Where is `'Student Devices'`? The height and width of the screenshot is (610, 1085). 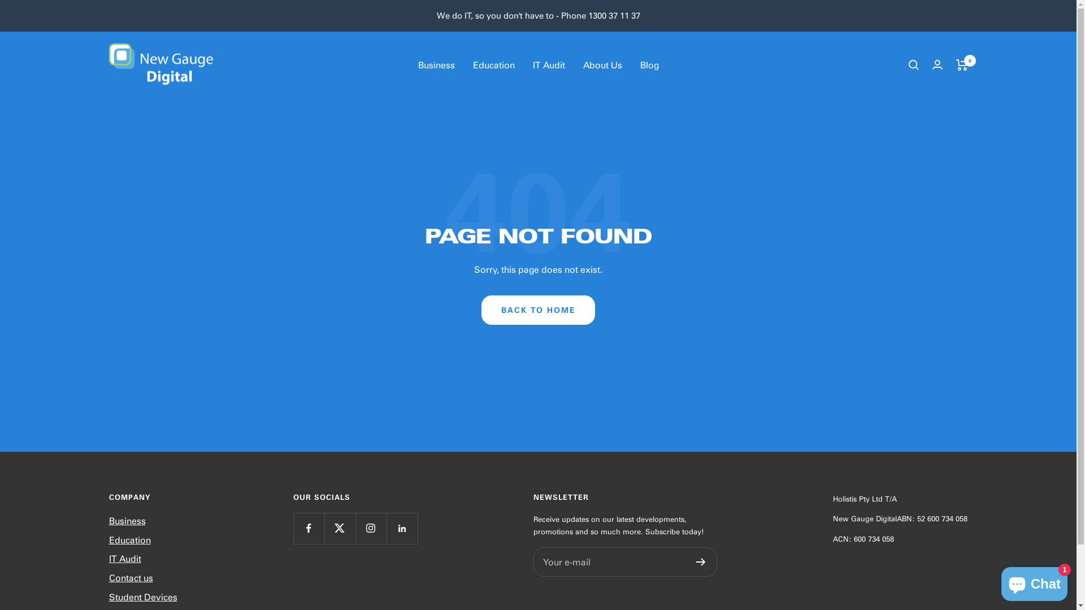 'Student Devices' is located at coordinates (108, 596).